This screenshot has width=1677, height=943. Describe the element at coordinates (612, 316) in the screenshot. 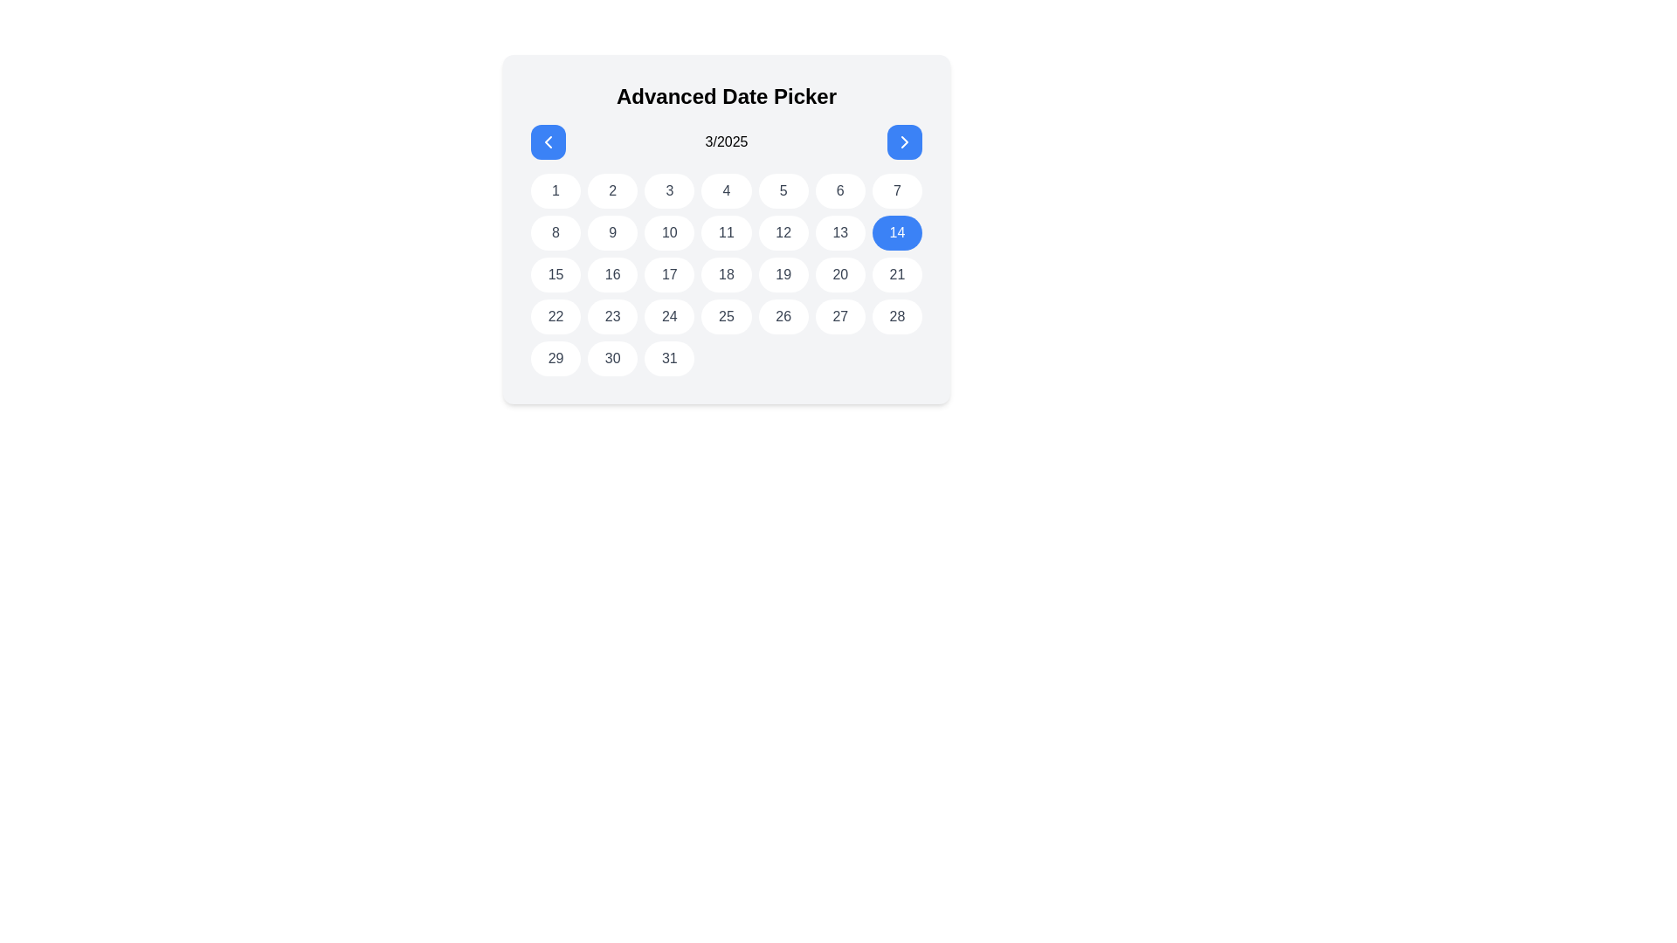

I see `the circular button displaying the number '23' in dark gray text, located in the fourth row and second column of the grid under 'Advanced Date Picker'` at that location.